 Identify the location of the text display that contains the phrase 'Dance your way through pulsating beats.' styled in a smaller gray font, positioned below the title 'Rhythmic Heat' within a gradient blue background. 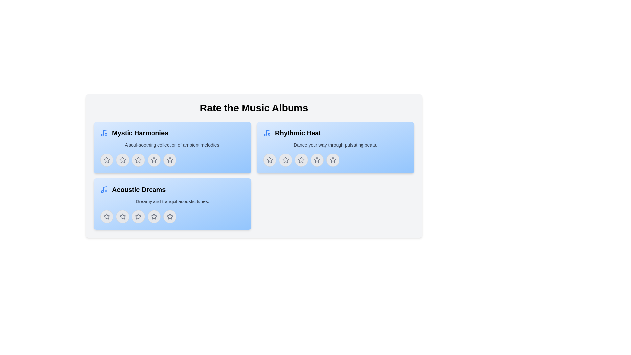
(336, 144).